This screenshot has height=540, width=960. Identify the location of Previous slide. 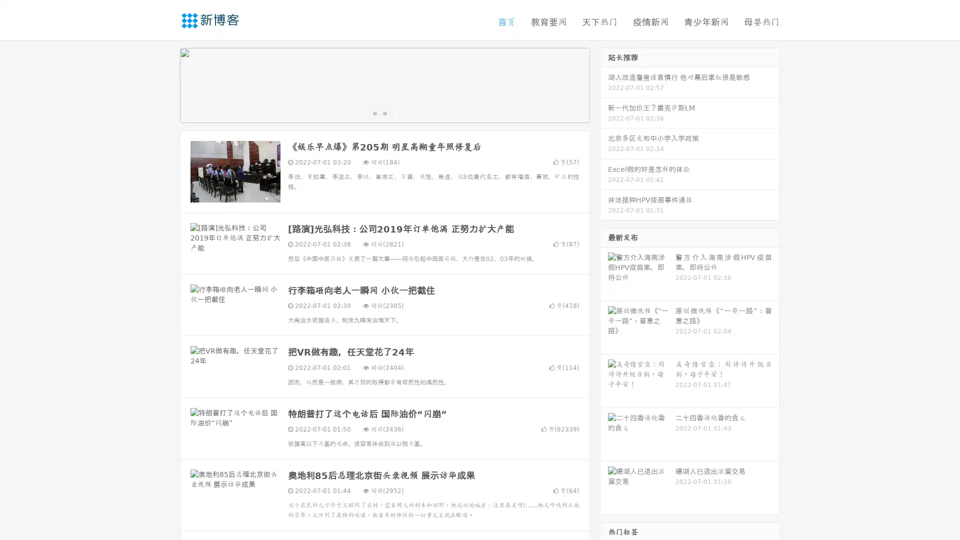
(165, 84).